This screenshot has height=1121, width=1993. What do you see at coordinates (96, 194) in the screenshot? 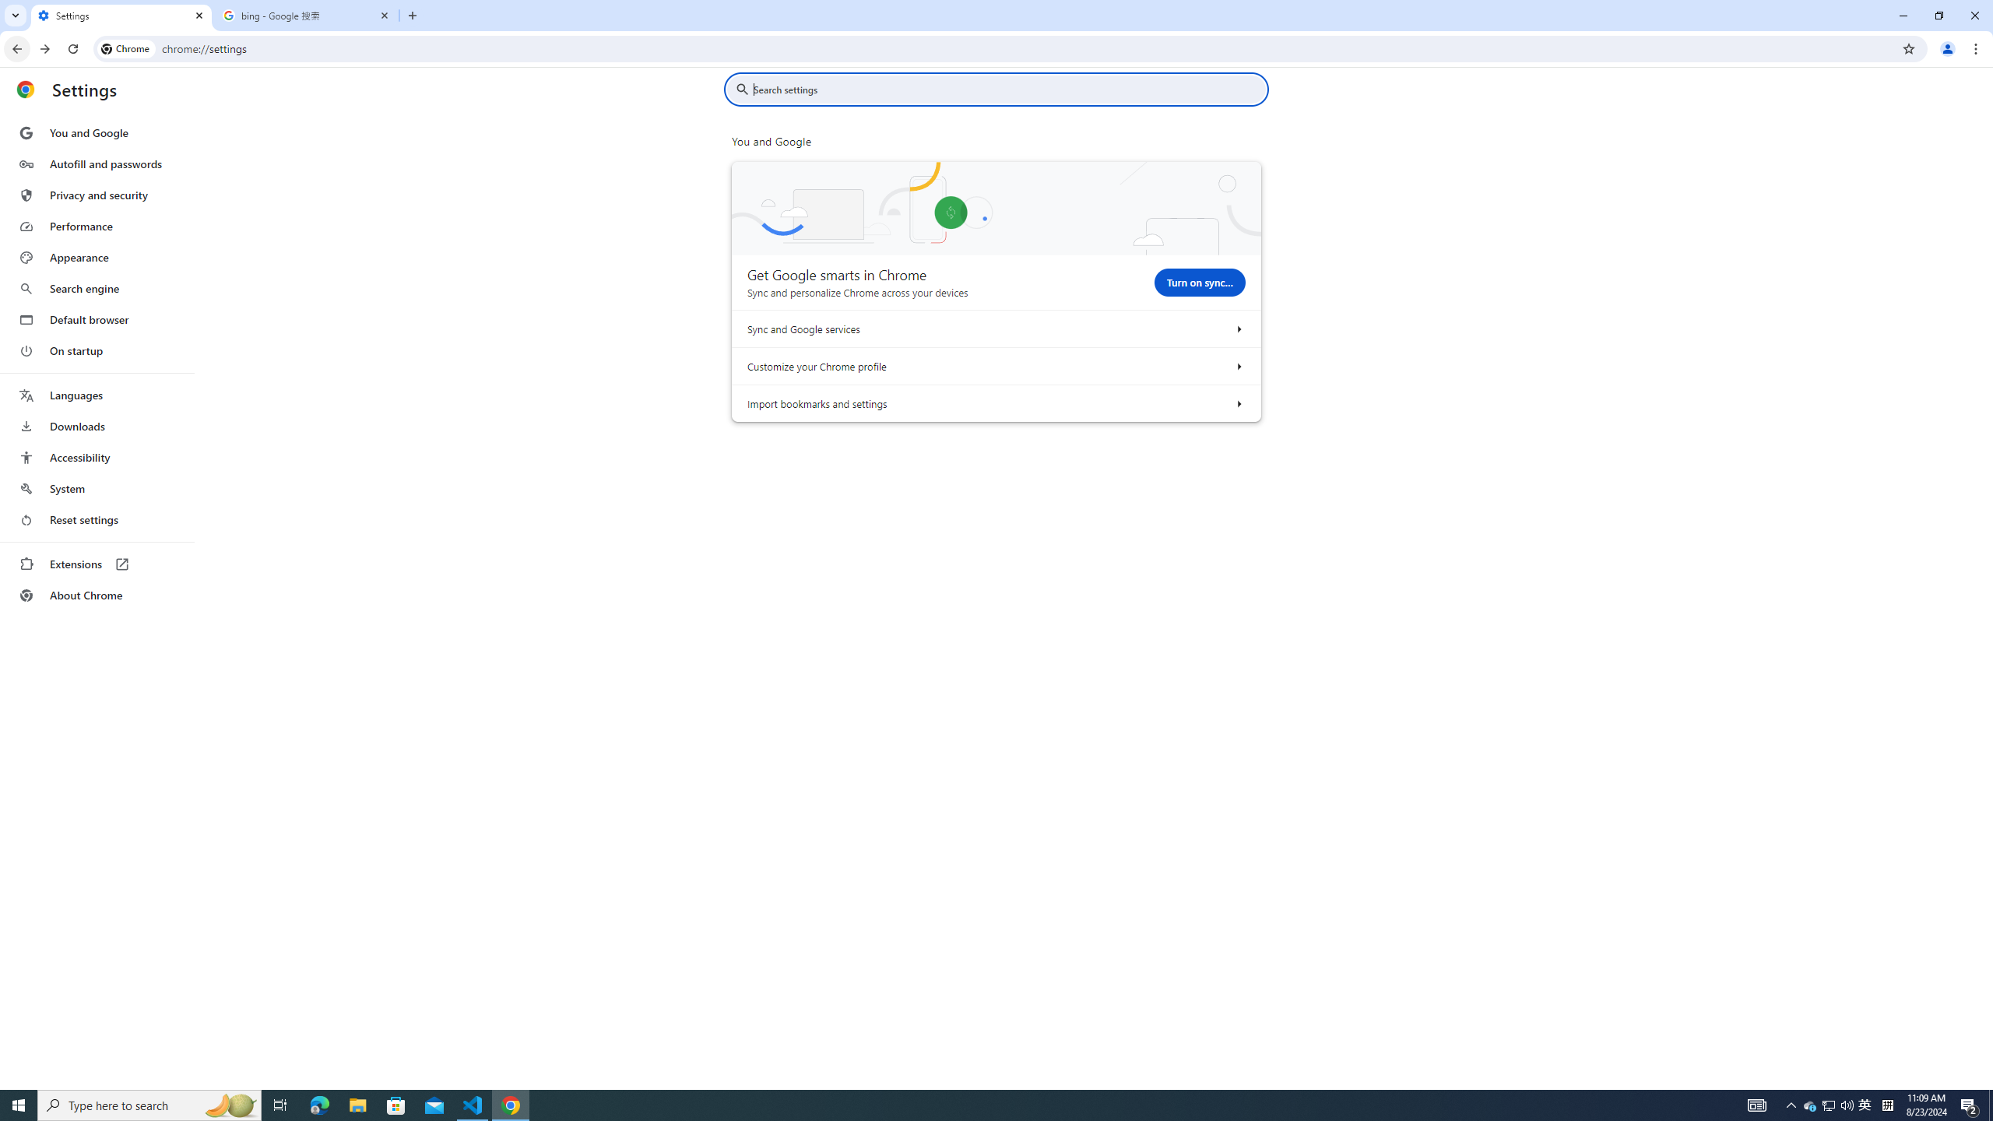
I see `'Privacy and security'` at bounding box center [96, 194].